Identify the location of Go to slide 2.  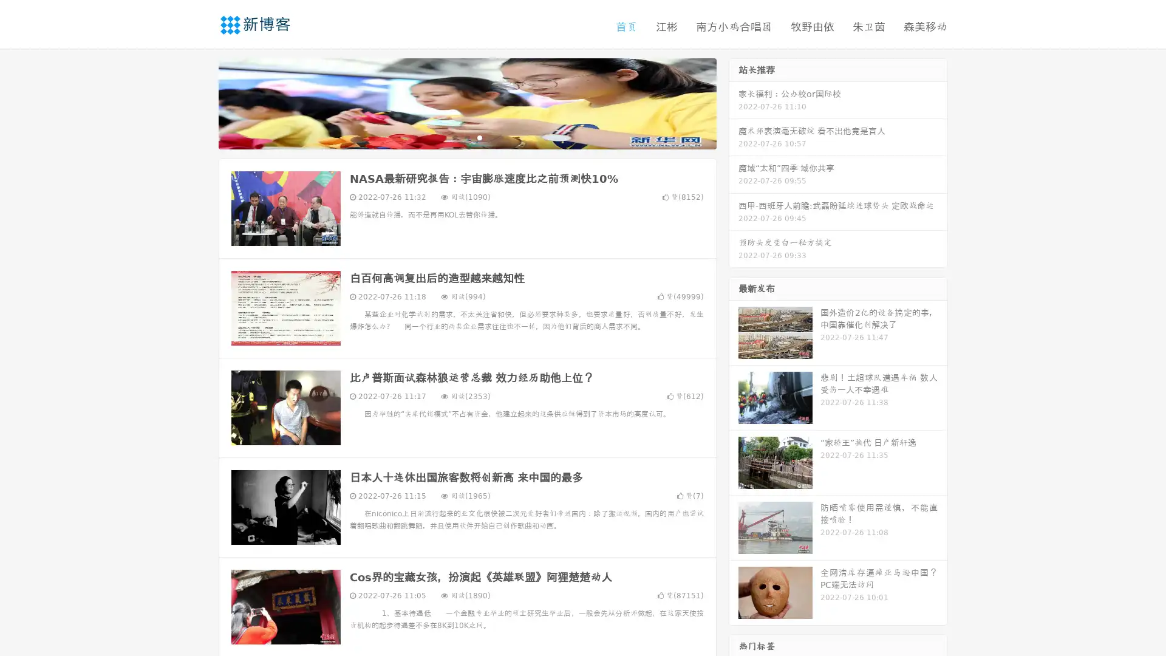
(466, 137).